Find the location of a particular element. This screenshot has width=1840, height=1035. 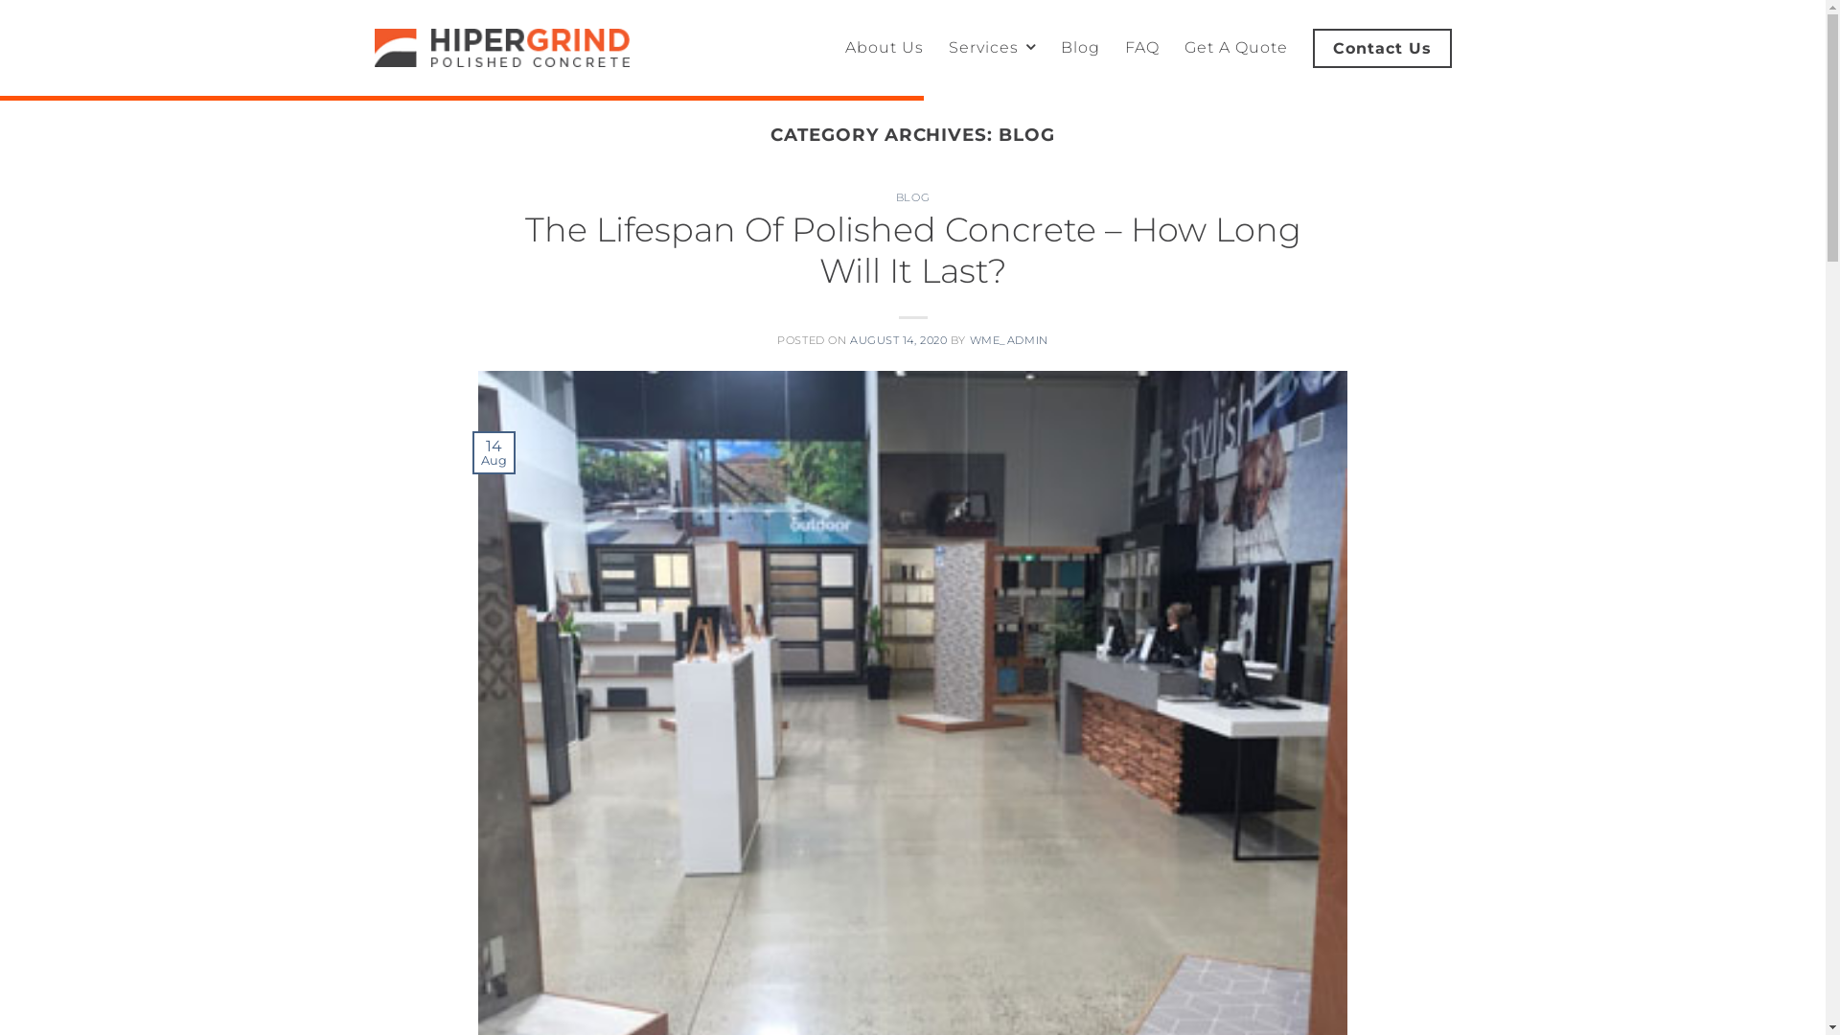

'FAQ' is located at coordinates (1125, 47).